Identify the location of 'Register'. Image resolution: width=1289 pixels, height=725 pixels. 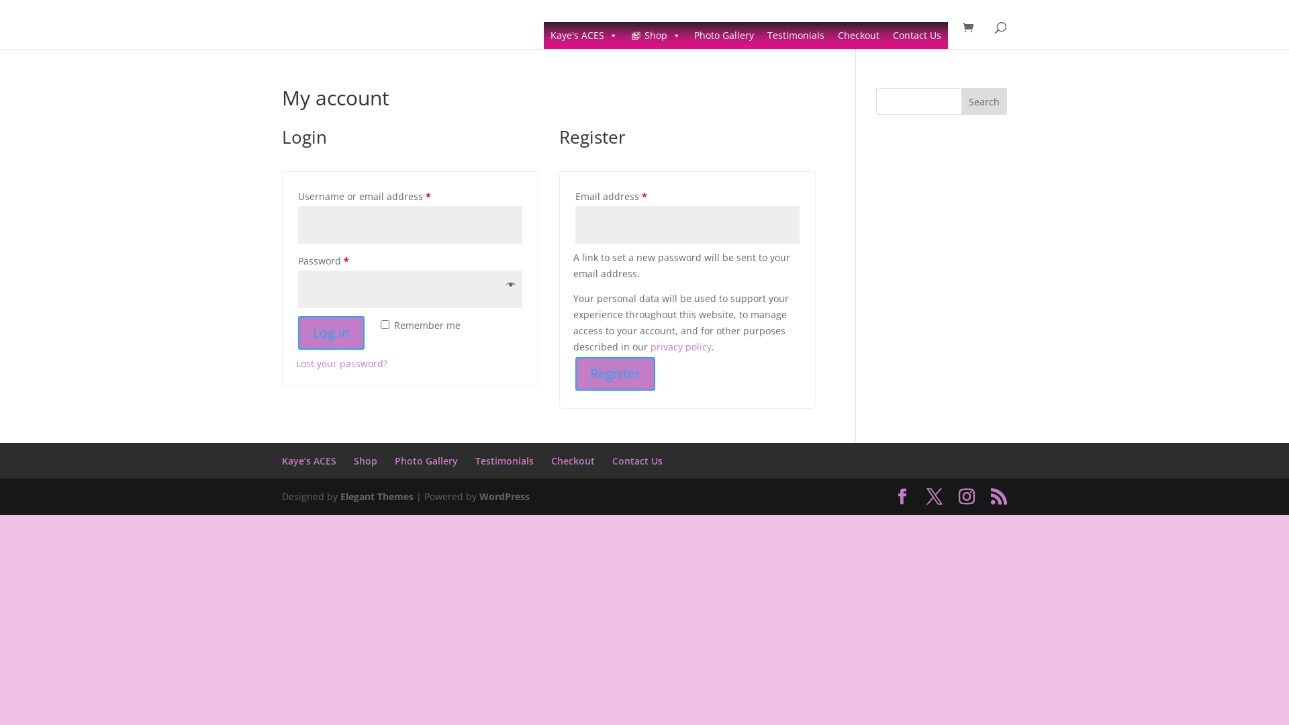
(614, 373).